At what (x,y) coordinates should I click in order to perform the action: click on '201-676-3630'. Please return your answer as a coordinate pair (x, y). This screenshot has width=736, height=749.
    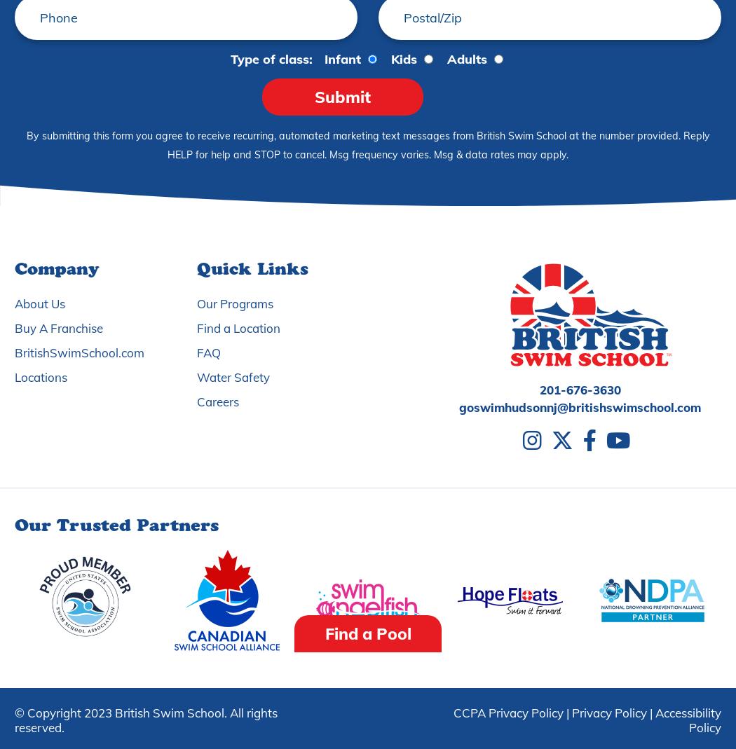
    Looking at the image, I should click on (539, 390).